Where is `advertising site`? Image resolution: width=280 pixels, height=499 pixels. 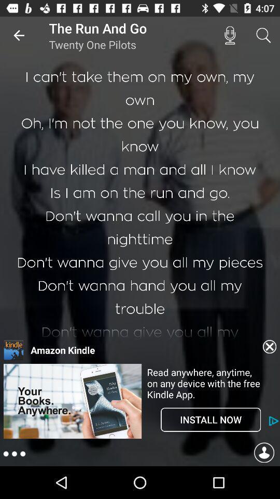
advertising site is located at coordinates (72, 437).